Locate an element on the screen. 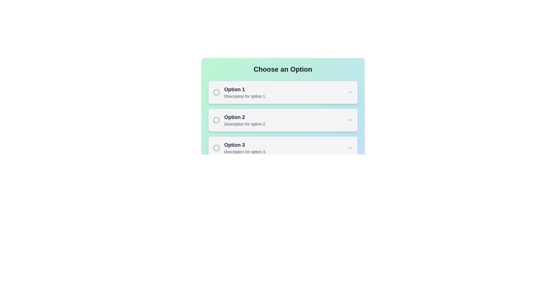 This screenshot has width=544, height=306. the text label that says 'Description for option 1', which is styled with a smaller font size and grayed-out color, positioned directly below 'Option 1' within the first option block of a dropdown-like structure is located at coordinates (245, 96).